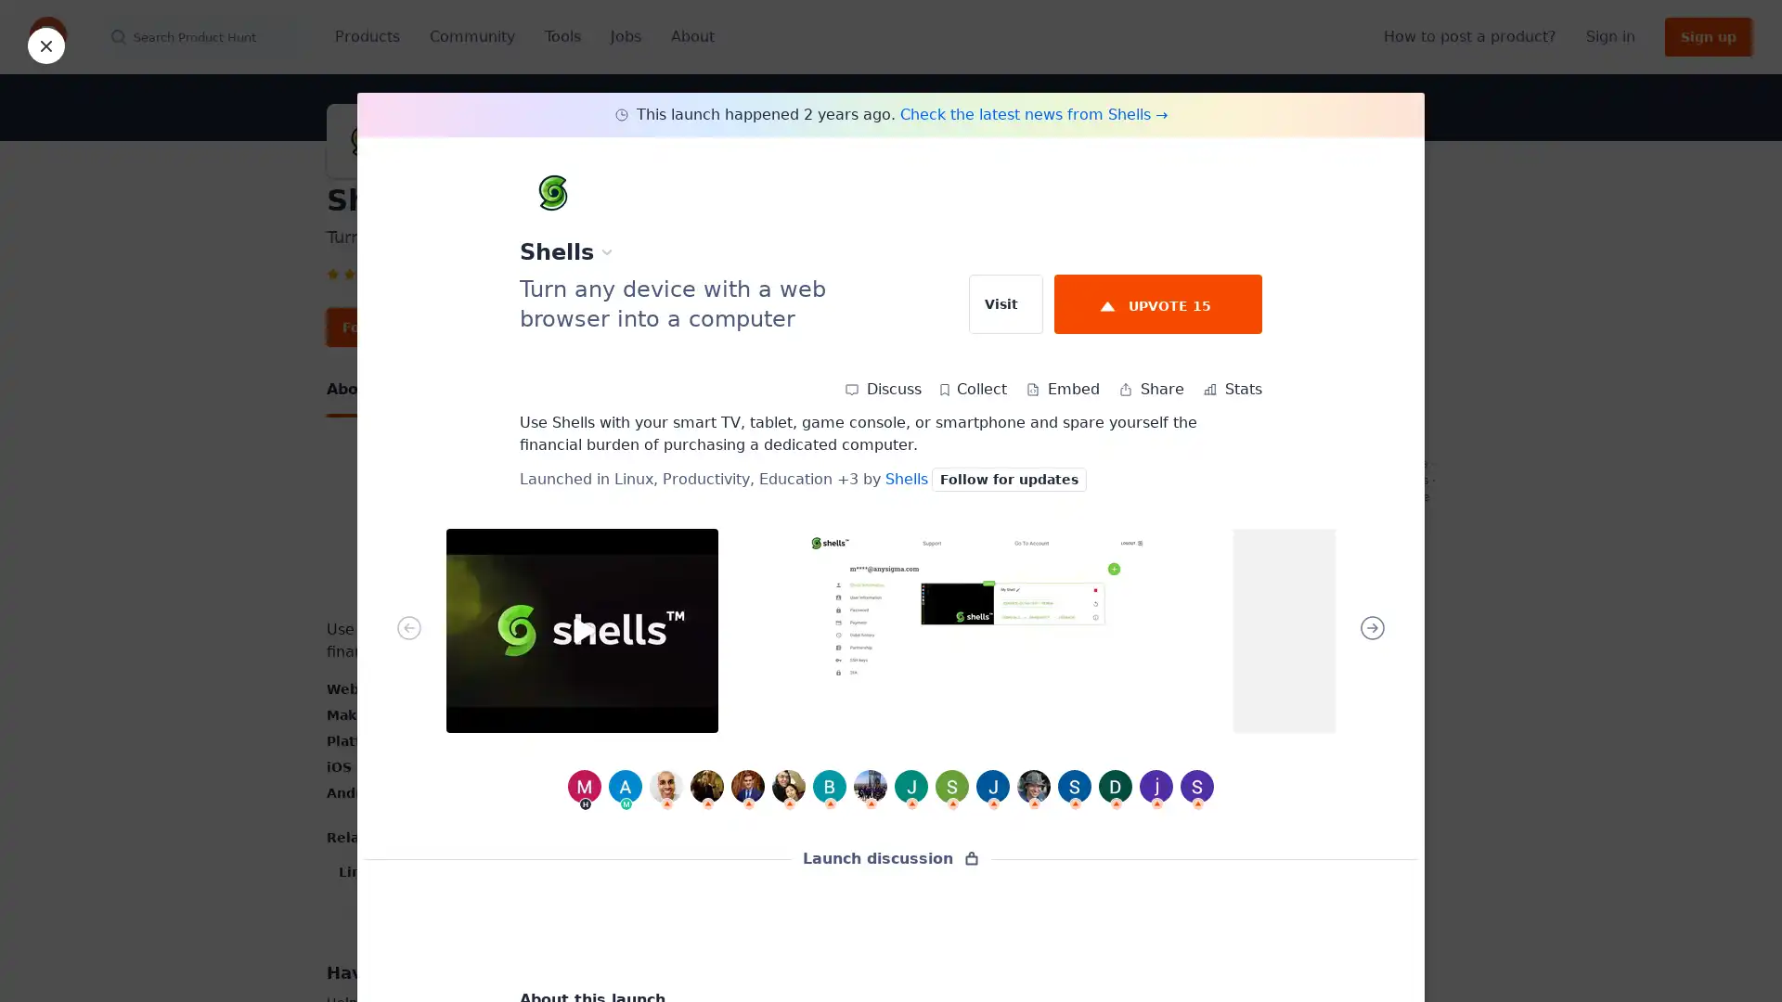 The width and height of the screenshot is (1782, 1002). I want to click on Discuss, so click(882, 389).